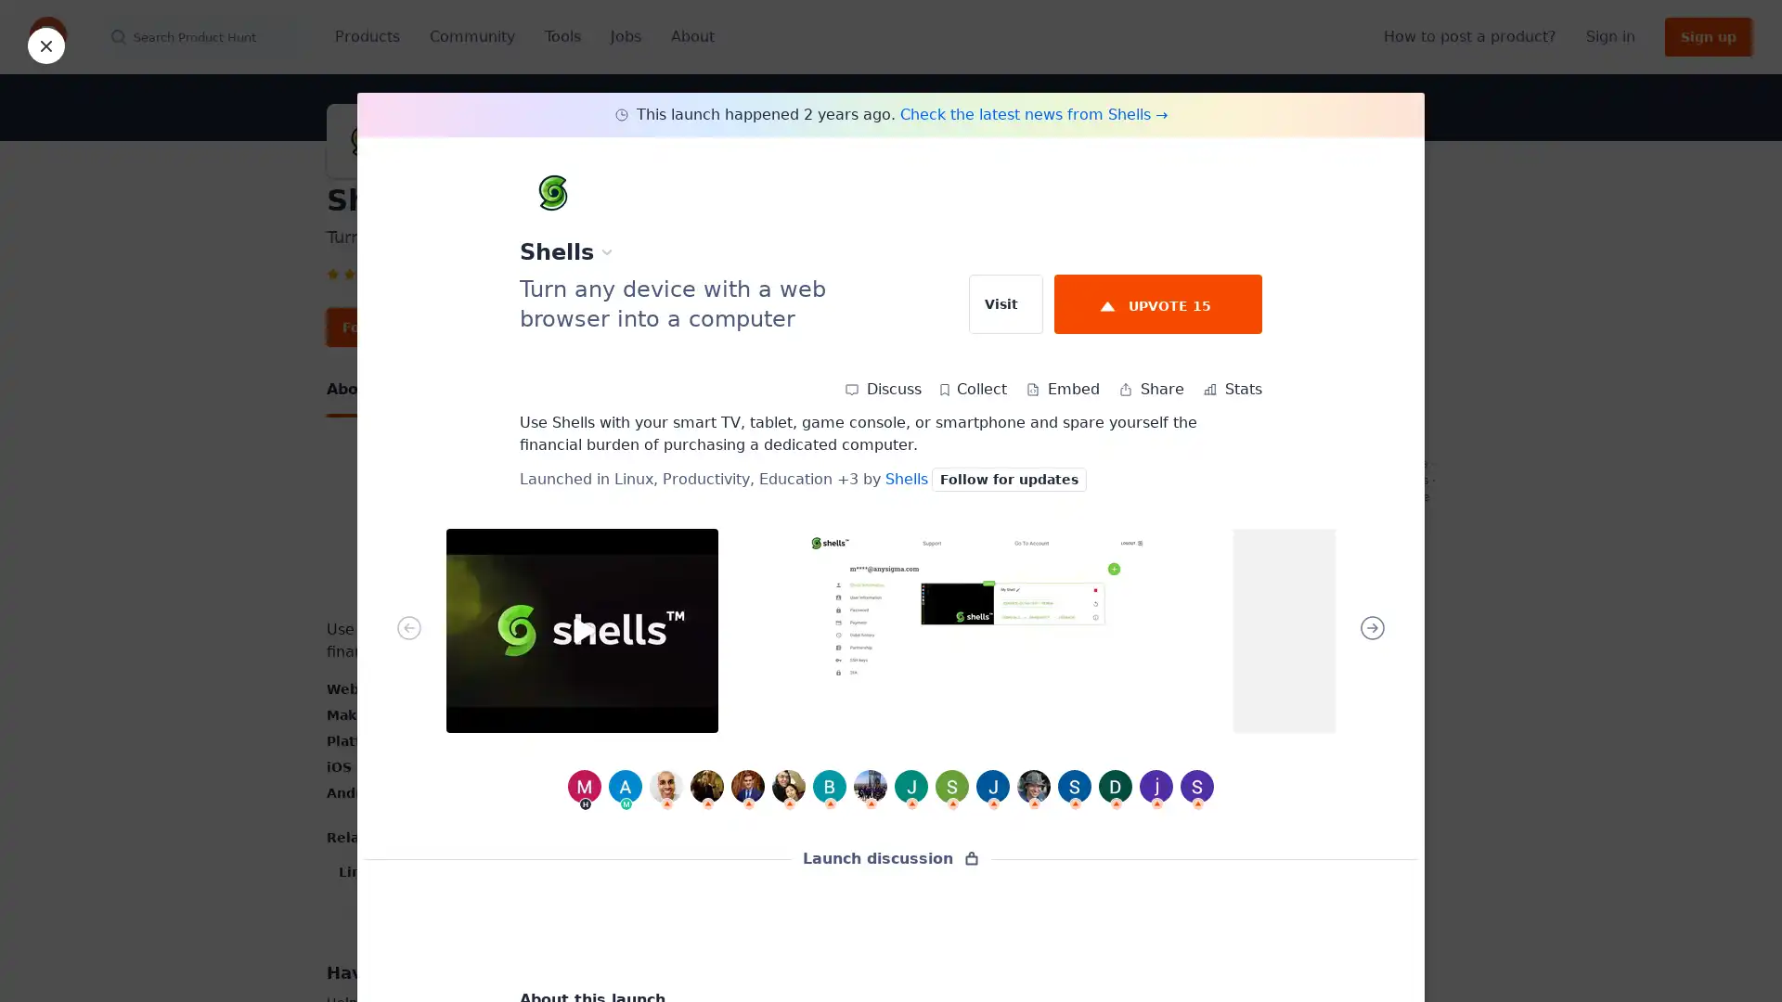 The width and height of the screenshot is (1782, 1002). I want to click on Discuss, so click(882, 389).